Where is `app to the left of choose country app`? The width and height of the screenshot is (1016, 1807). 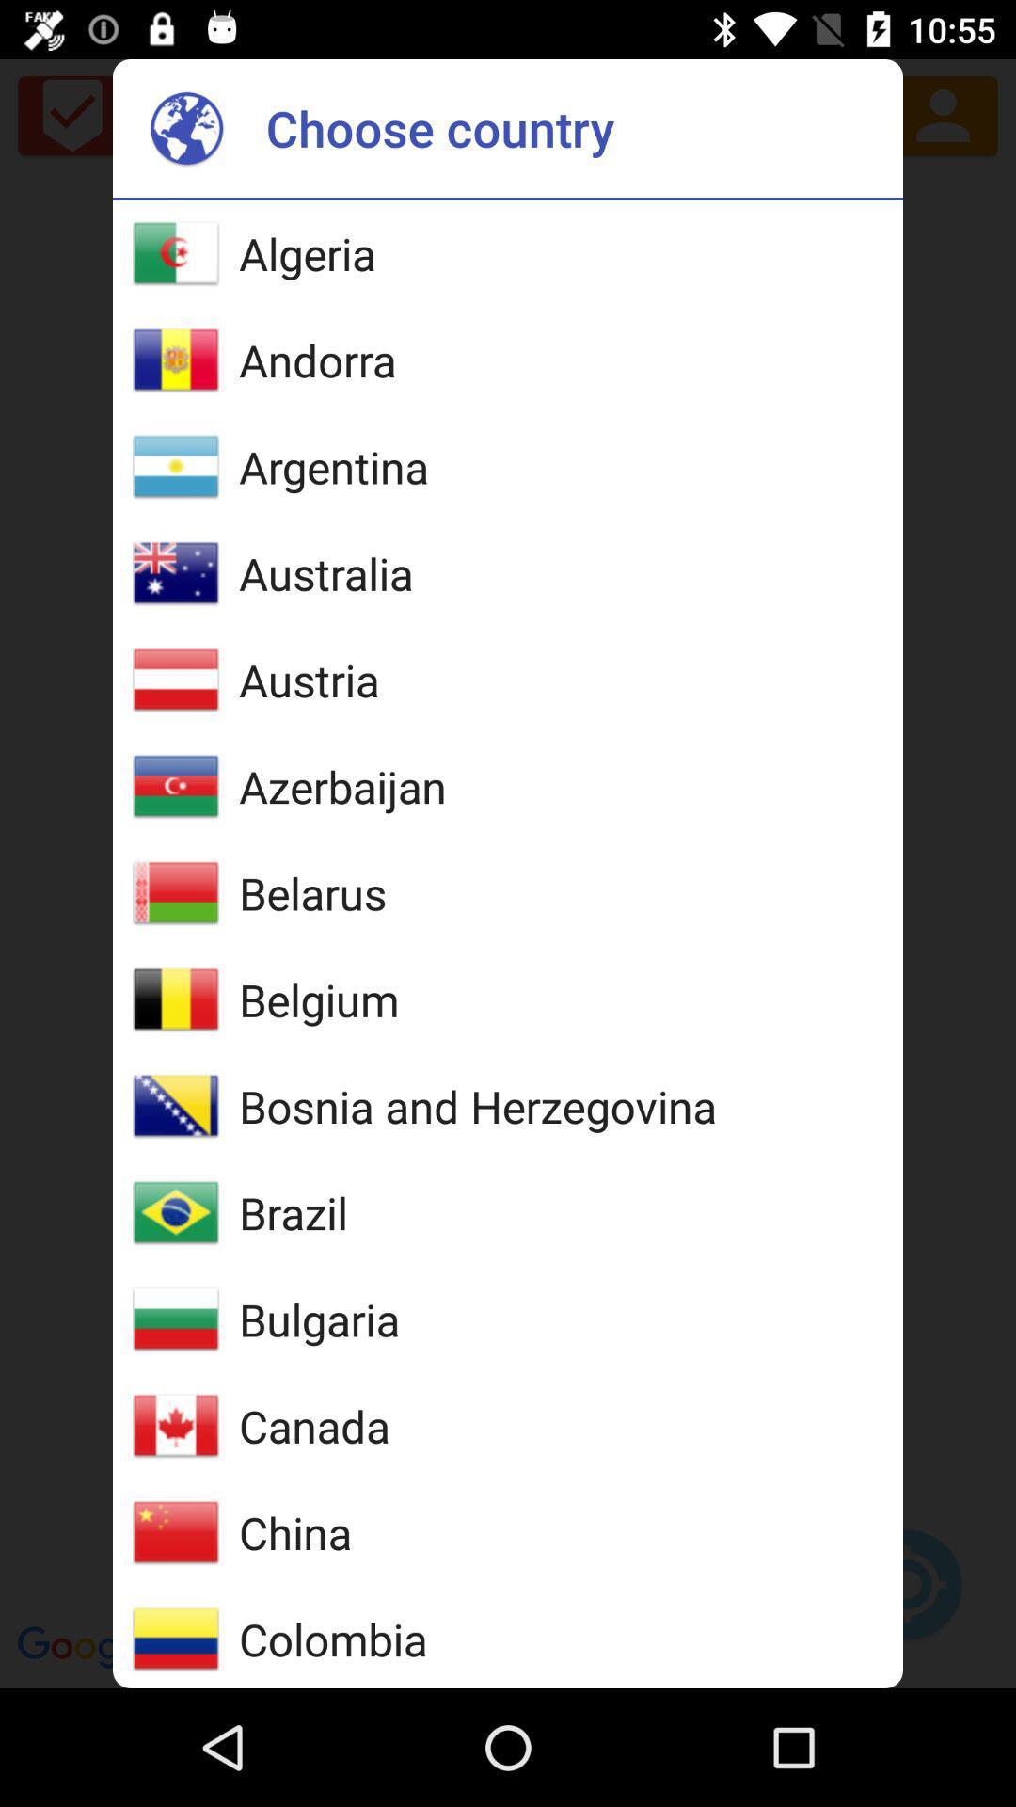
app to the left of choose country app is located at coordinates (186, 127).